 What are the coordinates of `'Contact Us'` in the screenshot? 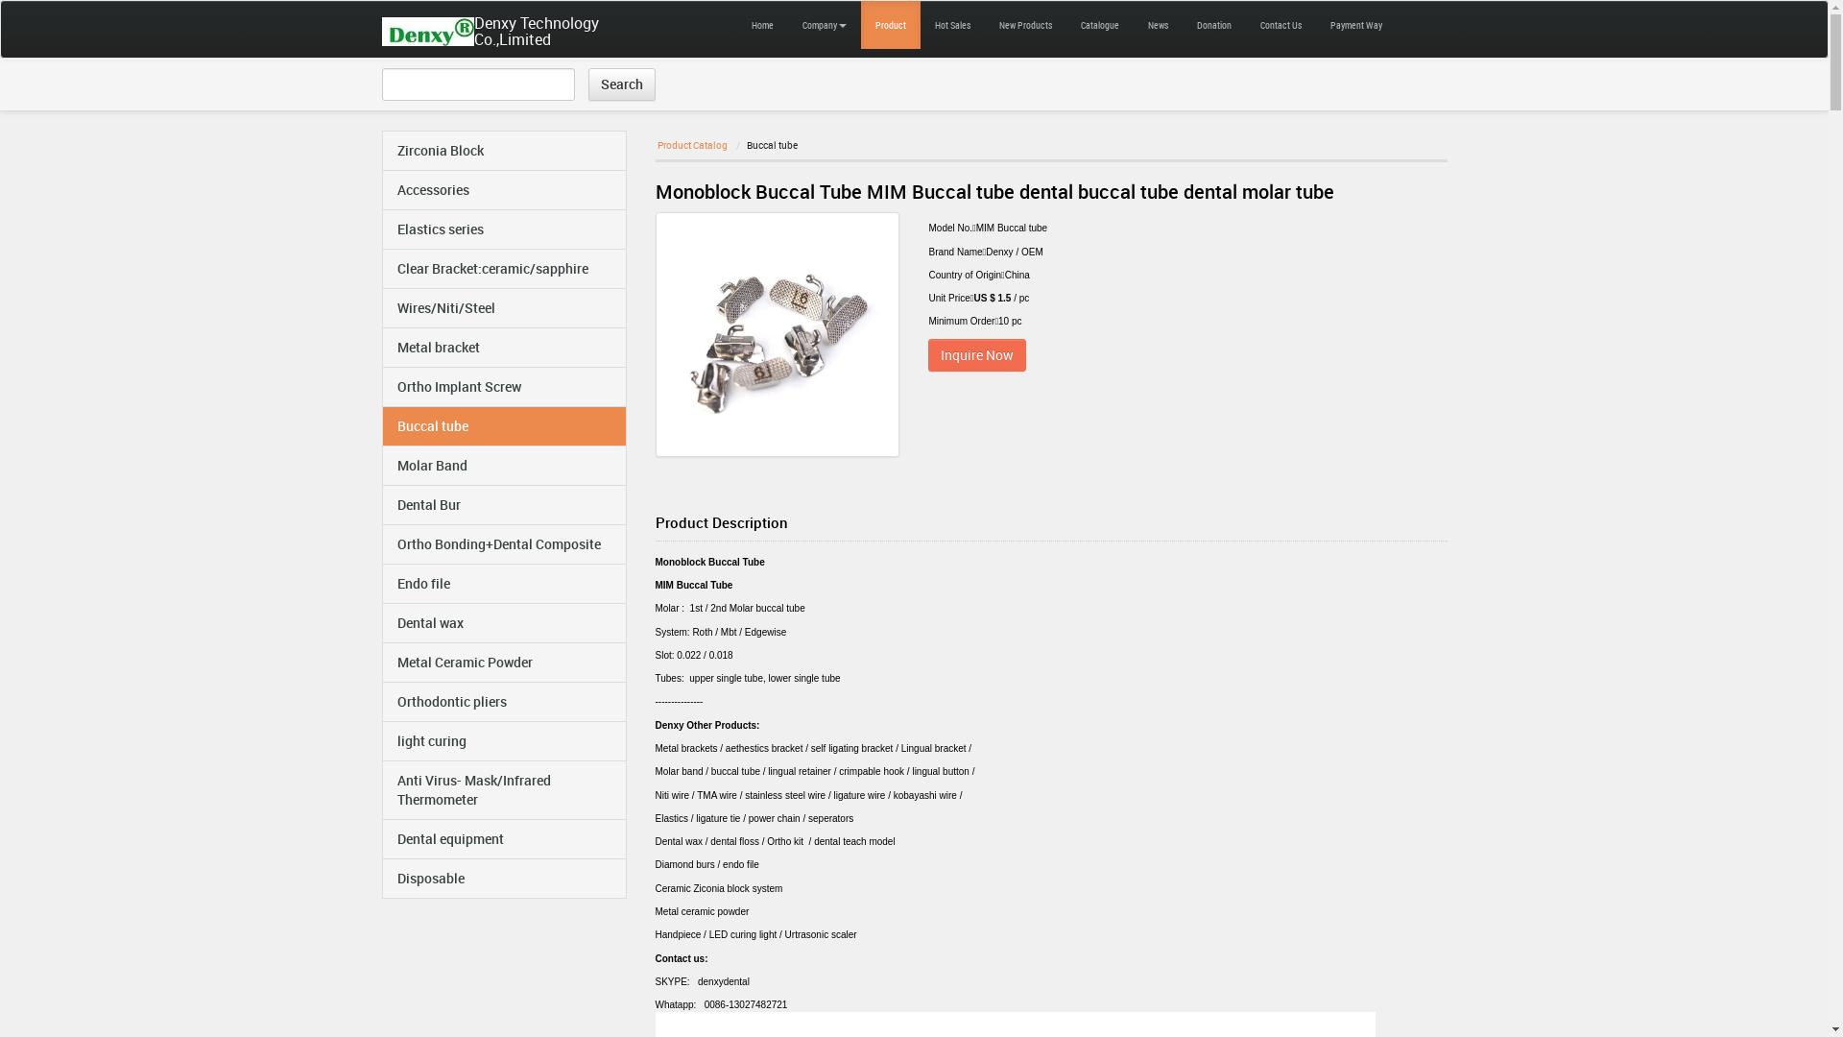 It's located at (1281, 25).